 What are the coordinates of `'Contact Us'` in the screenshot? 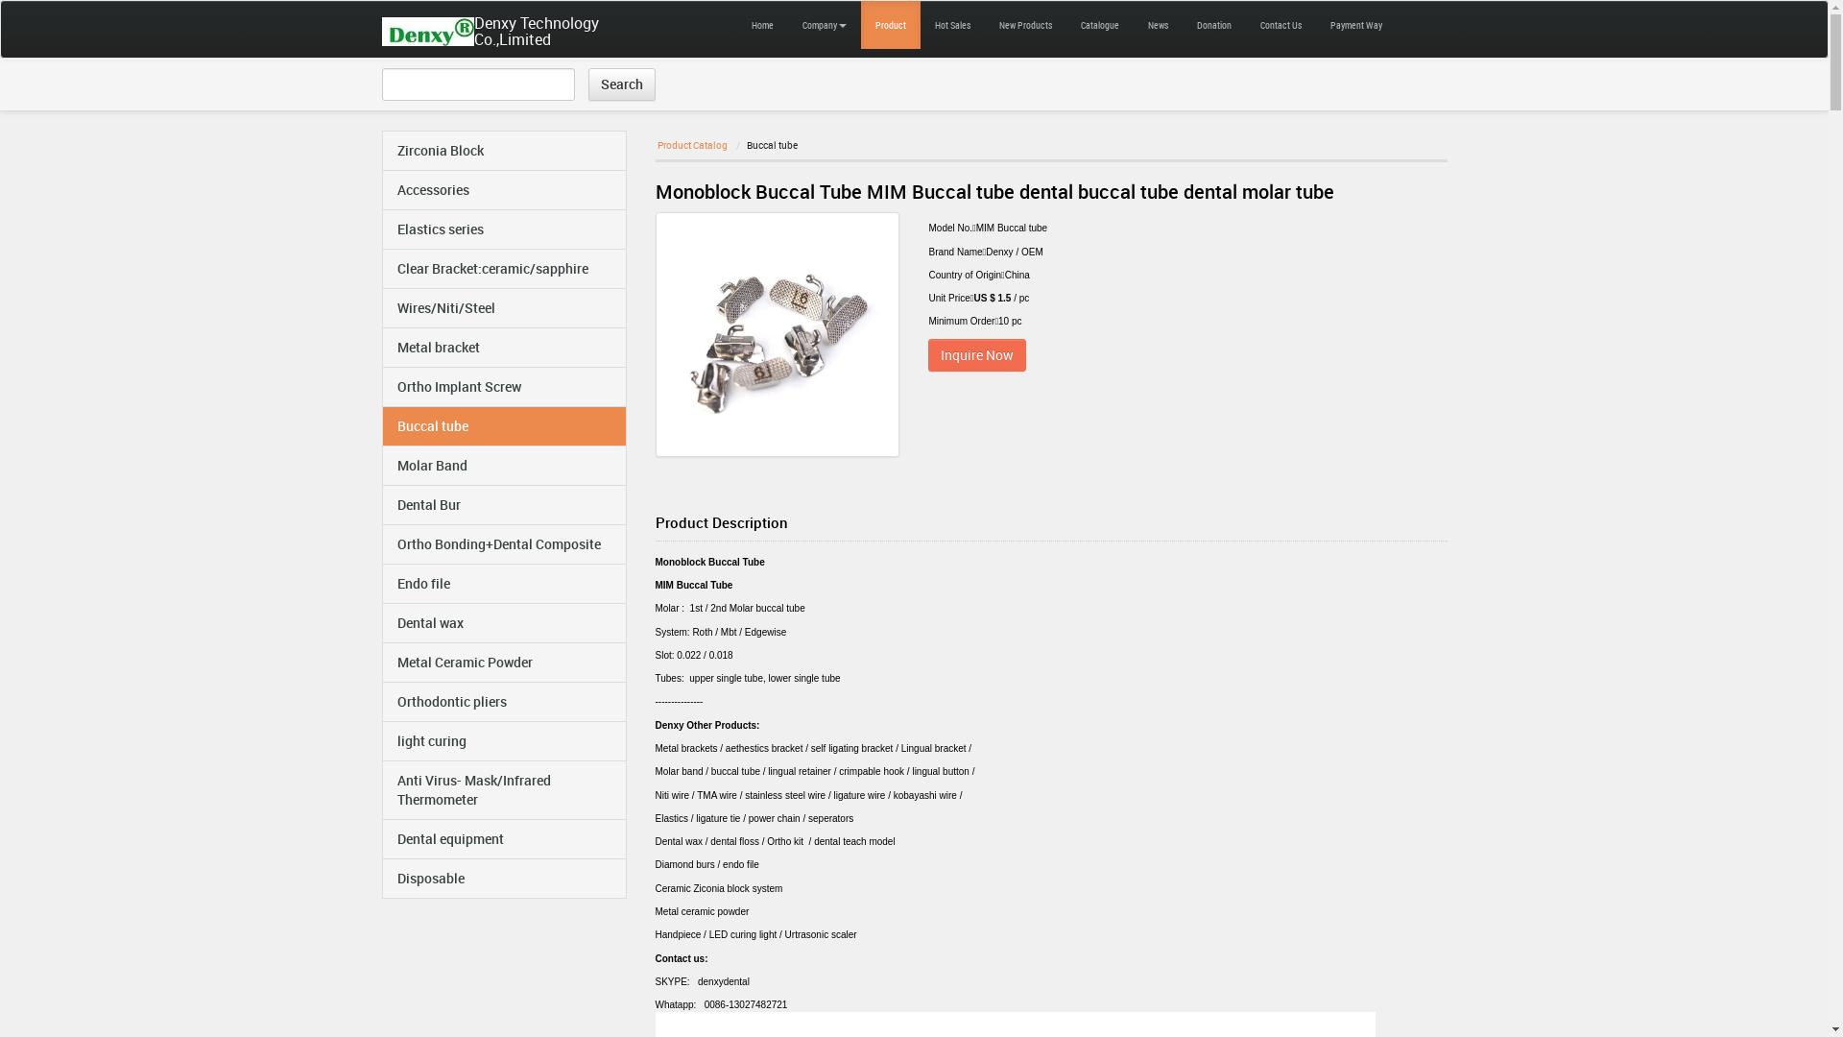 It's located at (1281, 25).